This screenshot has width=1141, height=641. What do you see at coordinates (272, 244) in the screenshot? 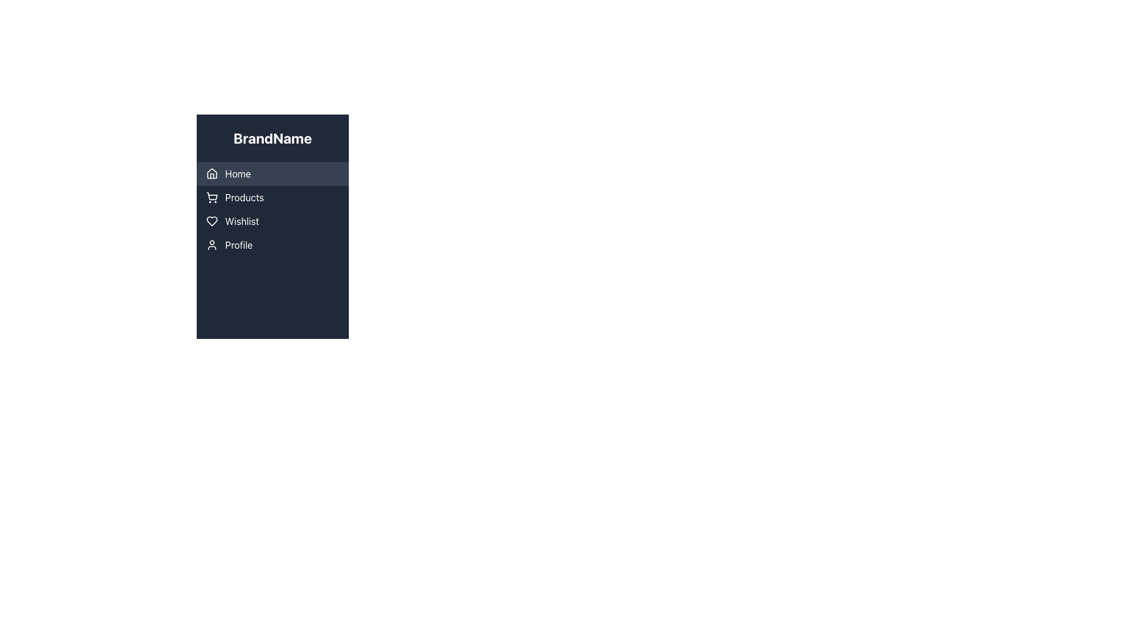
I see `the 'Profile' button in the navigation menu` at bounding box center [272, 244].